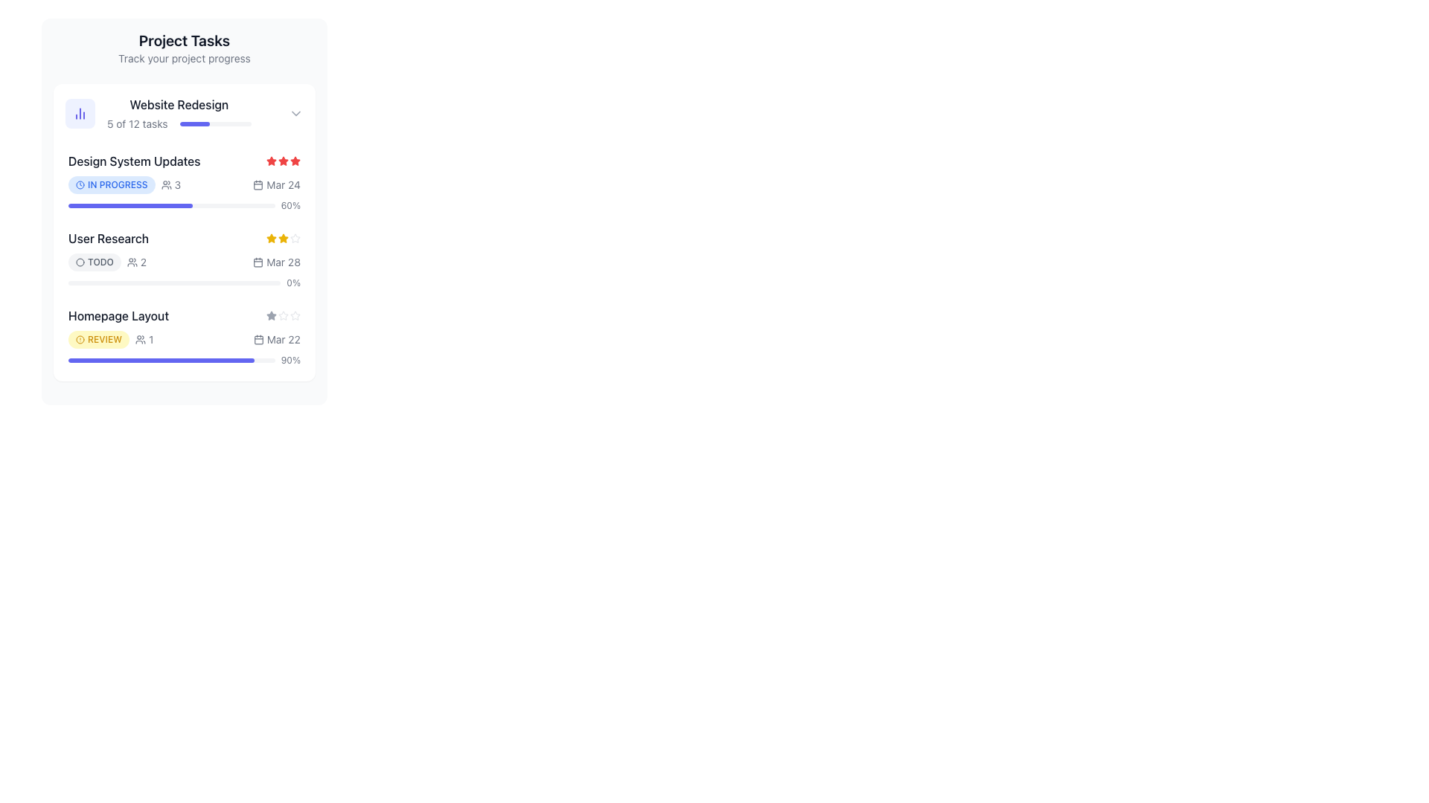  Describe the element at coordinates (258, 340) in the screenshot. I see `the vector graphic element (rectangular shape) that is part of the calendar icon, located next to the 'Homepage Layout' task's due date in the task list interface` at that location.